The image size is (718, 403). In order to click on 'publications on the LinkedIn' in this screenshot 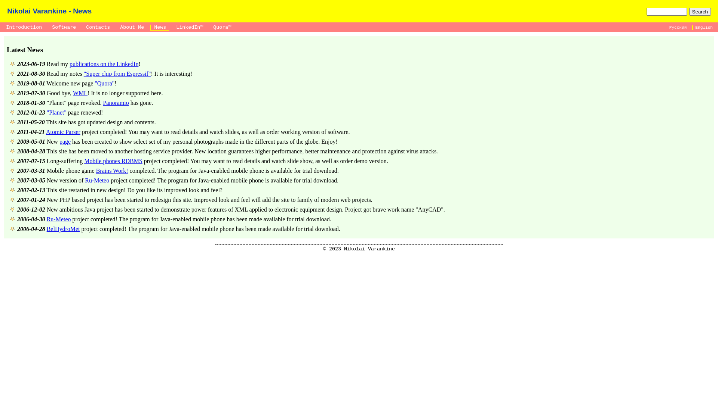, I will do `click(104, 63)`.